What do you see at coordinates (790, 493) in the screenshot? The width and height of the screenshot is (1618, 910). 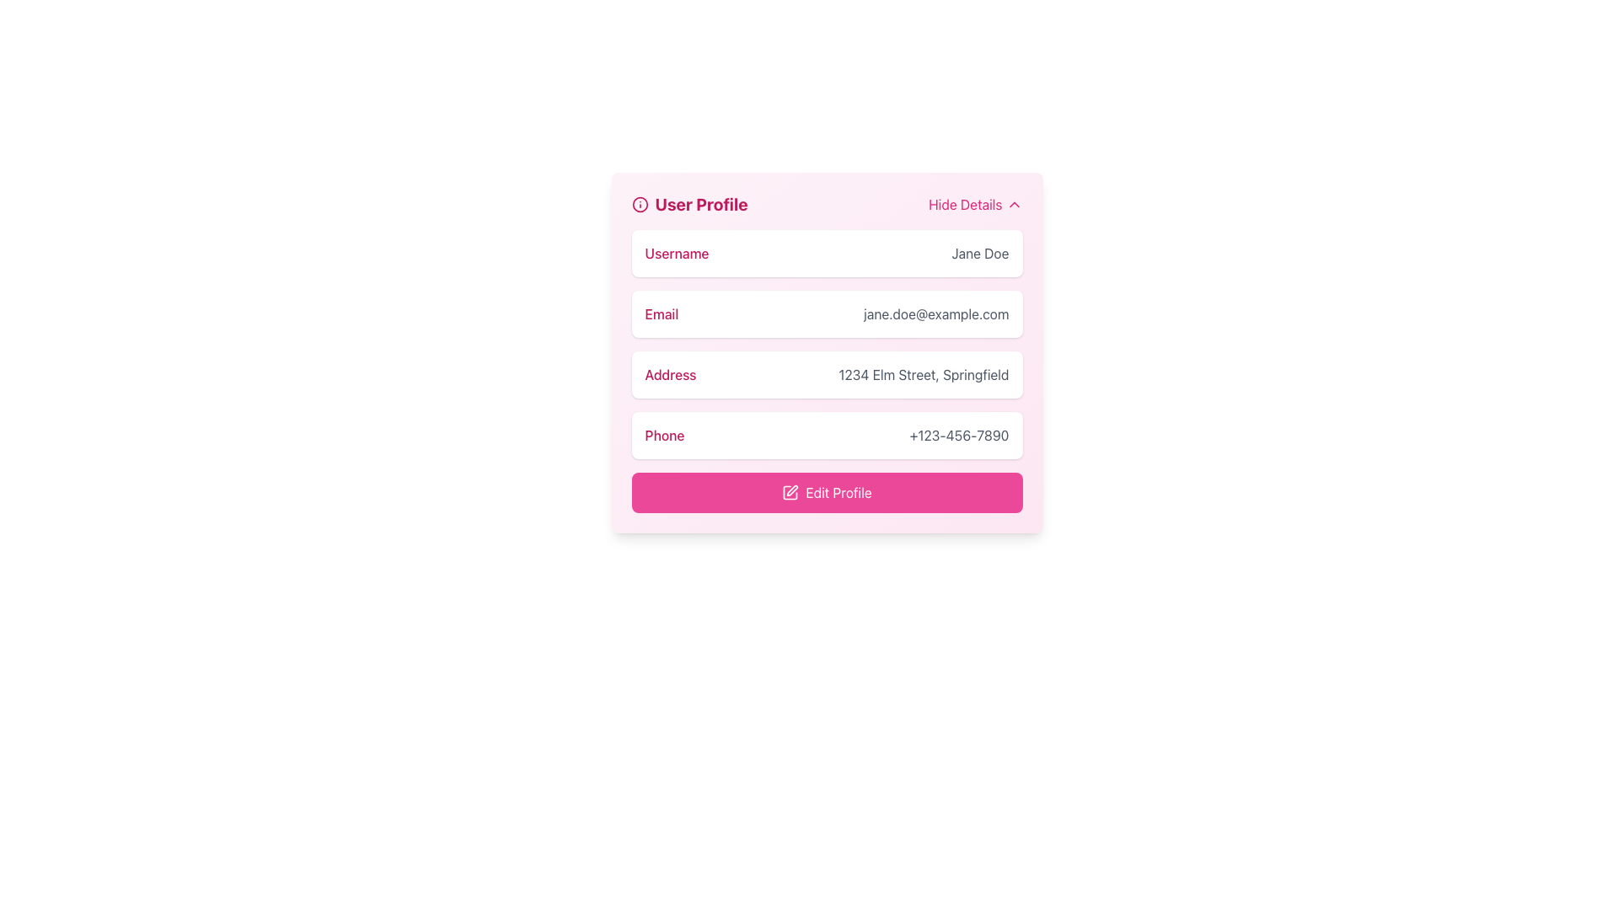 I see `the editing action icon located to the left of the 'Edit Profile' button at the bottom of the card layout` at bounding box center [790, 493].